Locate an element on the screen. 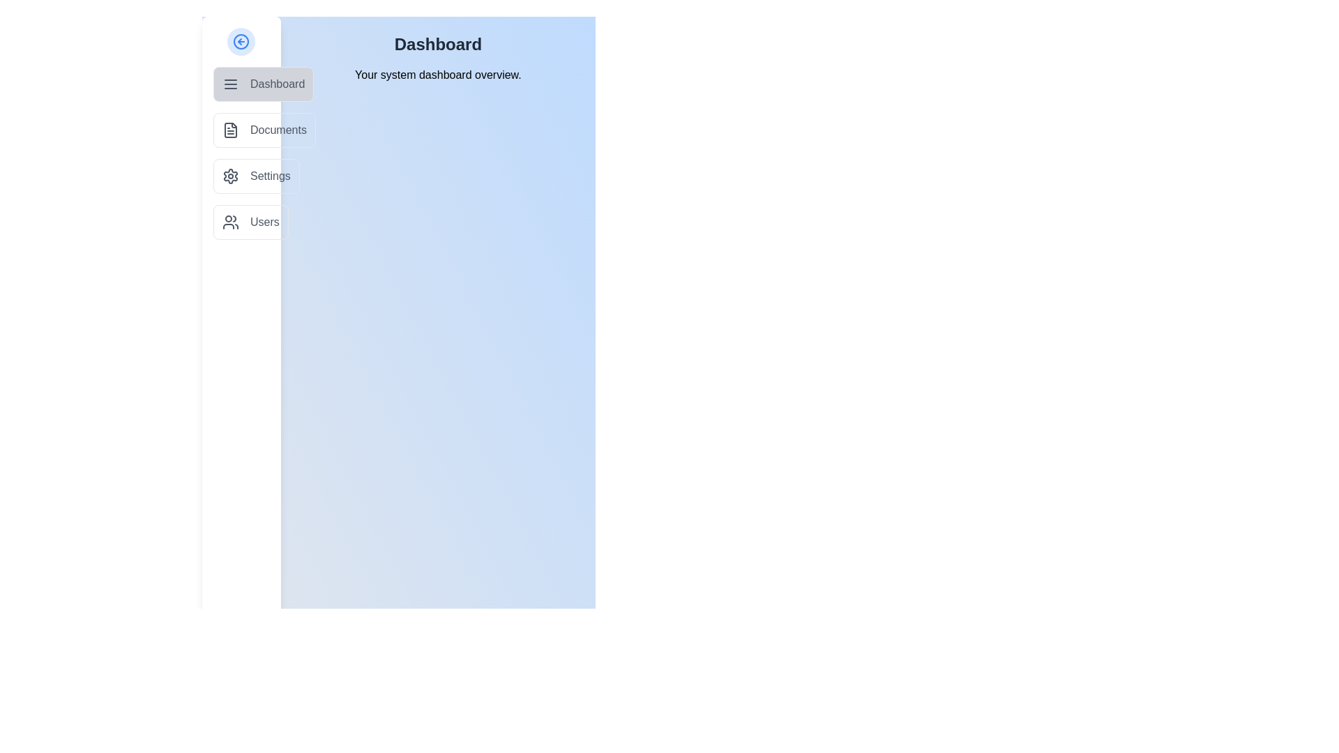  the menu item Documents from the list is located at coordinates (264, 130).